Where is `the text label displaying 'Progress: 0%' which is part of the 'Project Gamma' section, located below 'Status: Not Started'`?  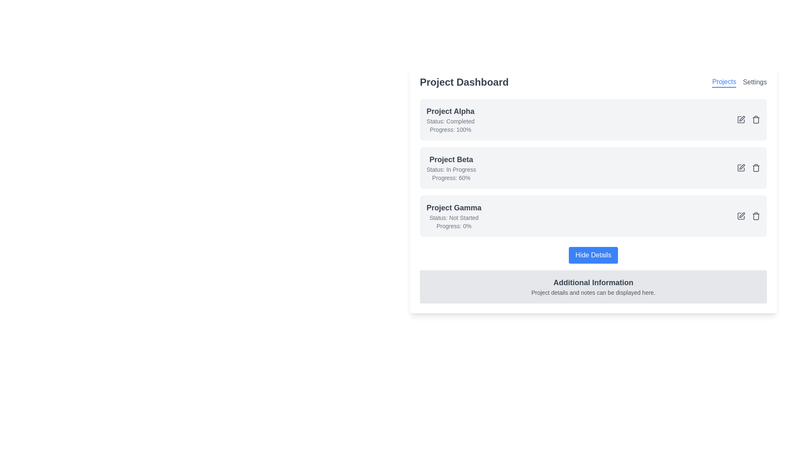
the text label displaying 'Progress: 0%' which is part of the 'Project Gamma' section, located below 'Status: Not Started' is located at coordinates (453, 226).